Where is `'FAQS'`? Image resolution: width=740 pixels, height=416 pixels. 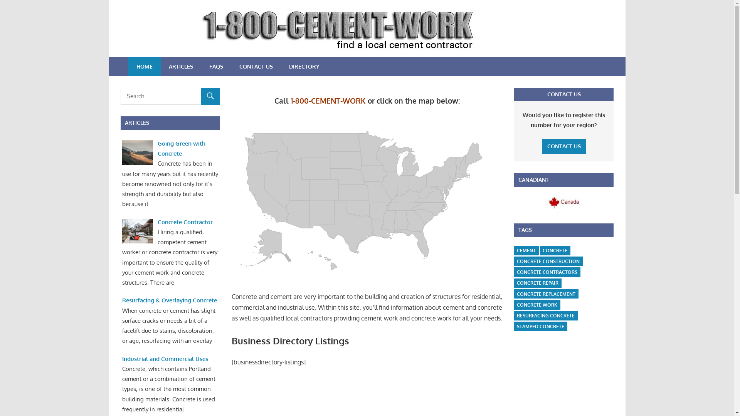 'FAQS' is located at coordinates (216, 66).